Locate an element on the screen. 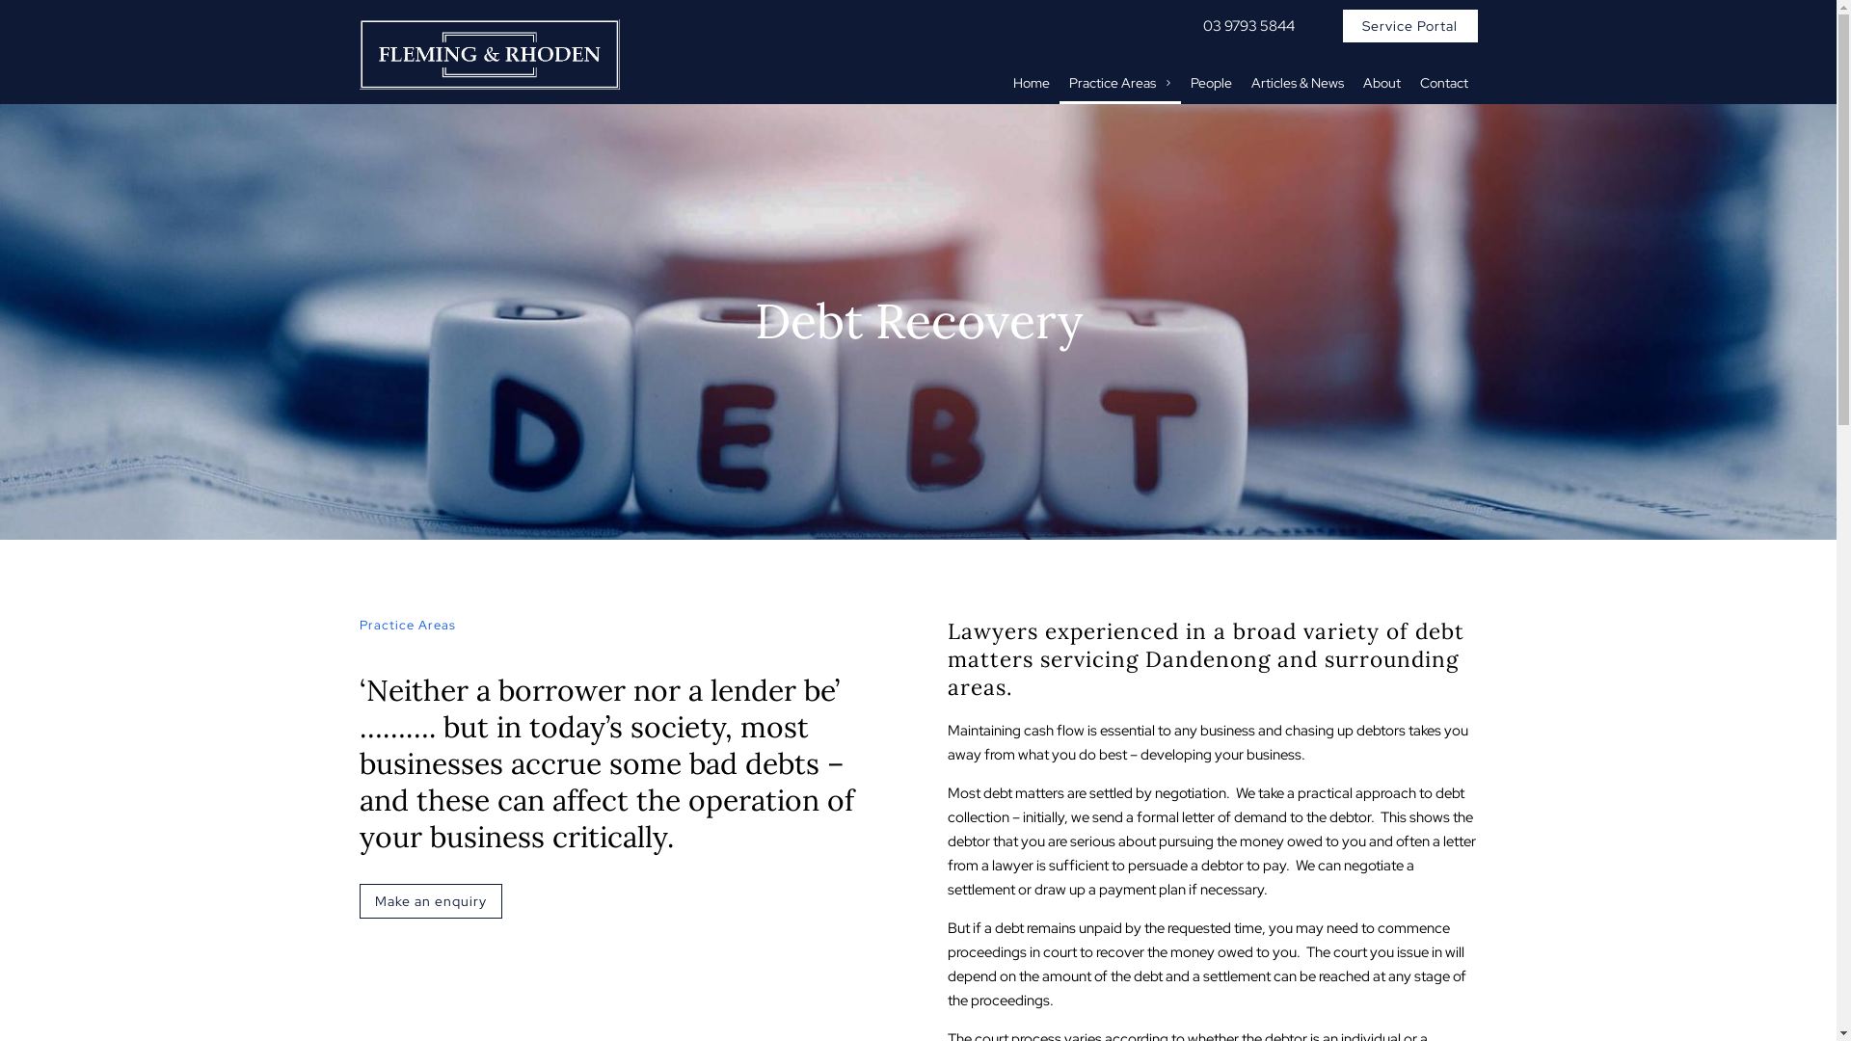 The width and height of the screenshot is (1851, 1041). 'Practice Areas' is located at coordinates (1119, 81).